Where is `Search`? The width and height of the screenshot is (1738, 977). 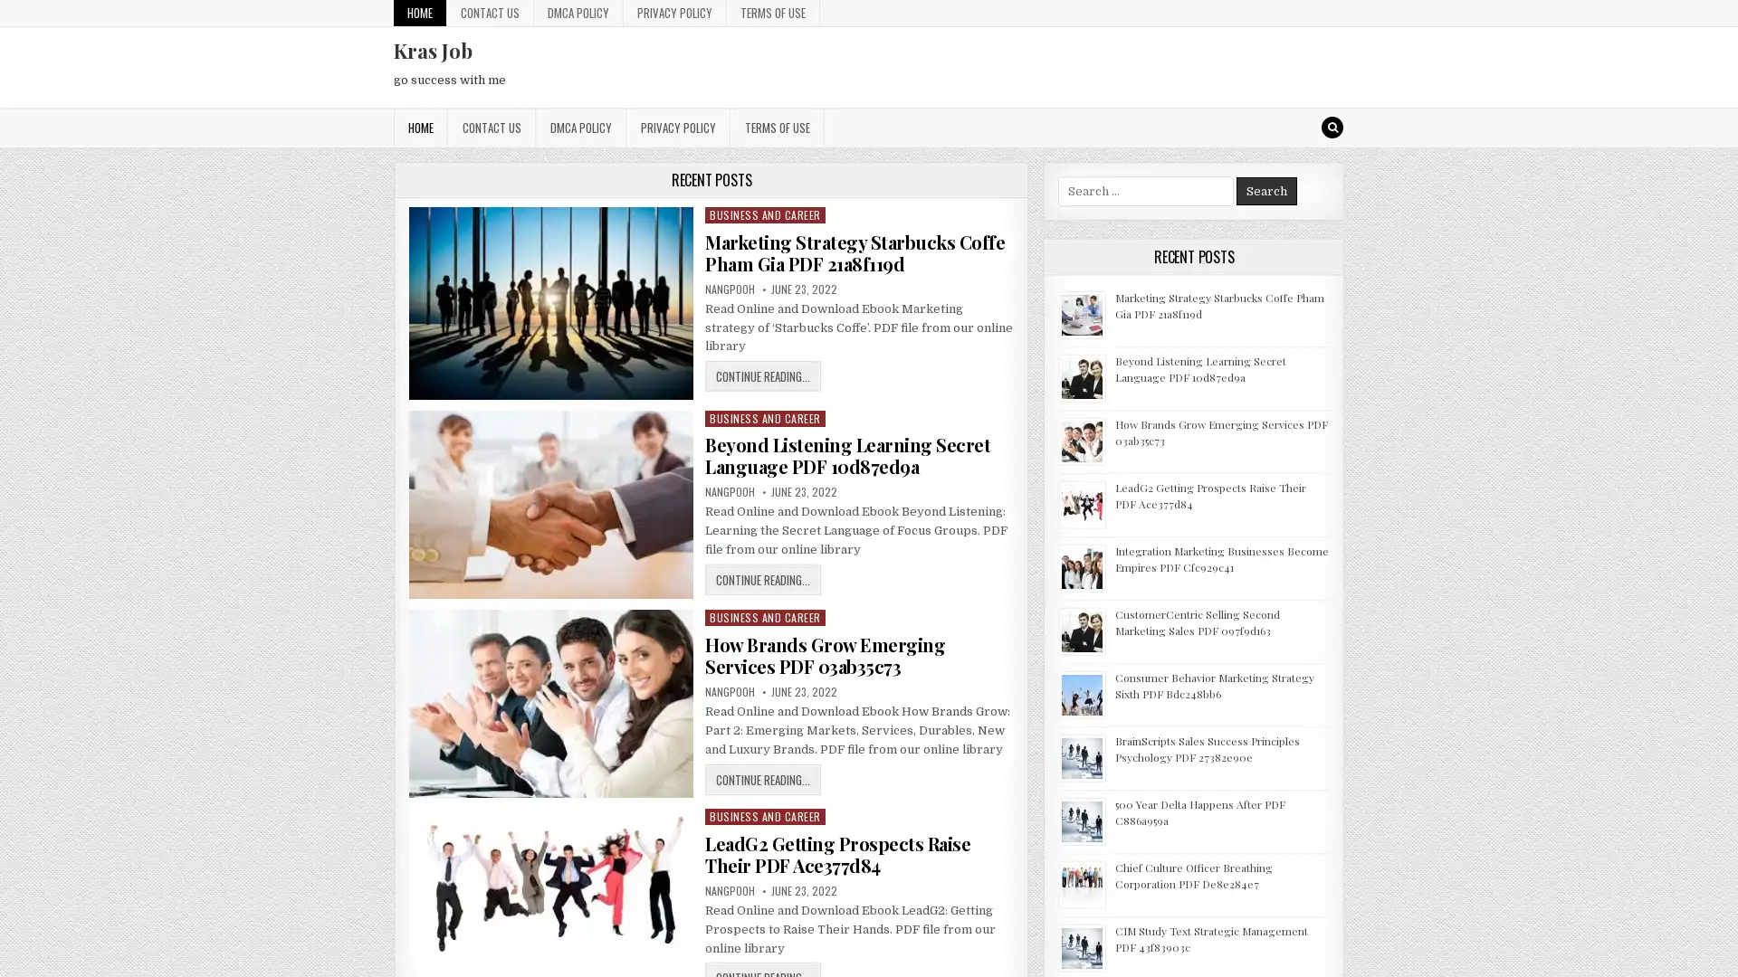
Search is located at coordinates (1265, 191).